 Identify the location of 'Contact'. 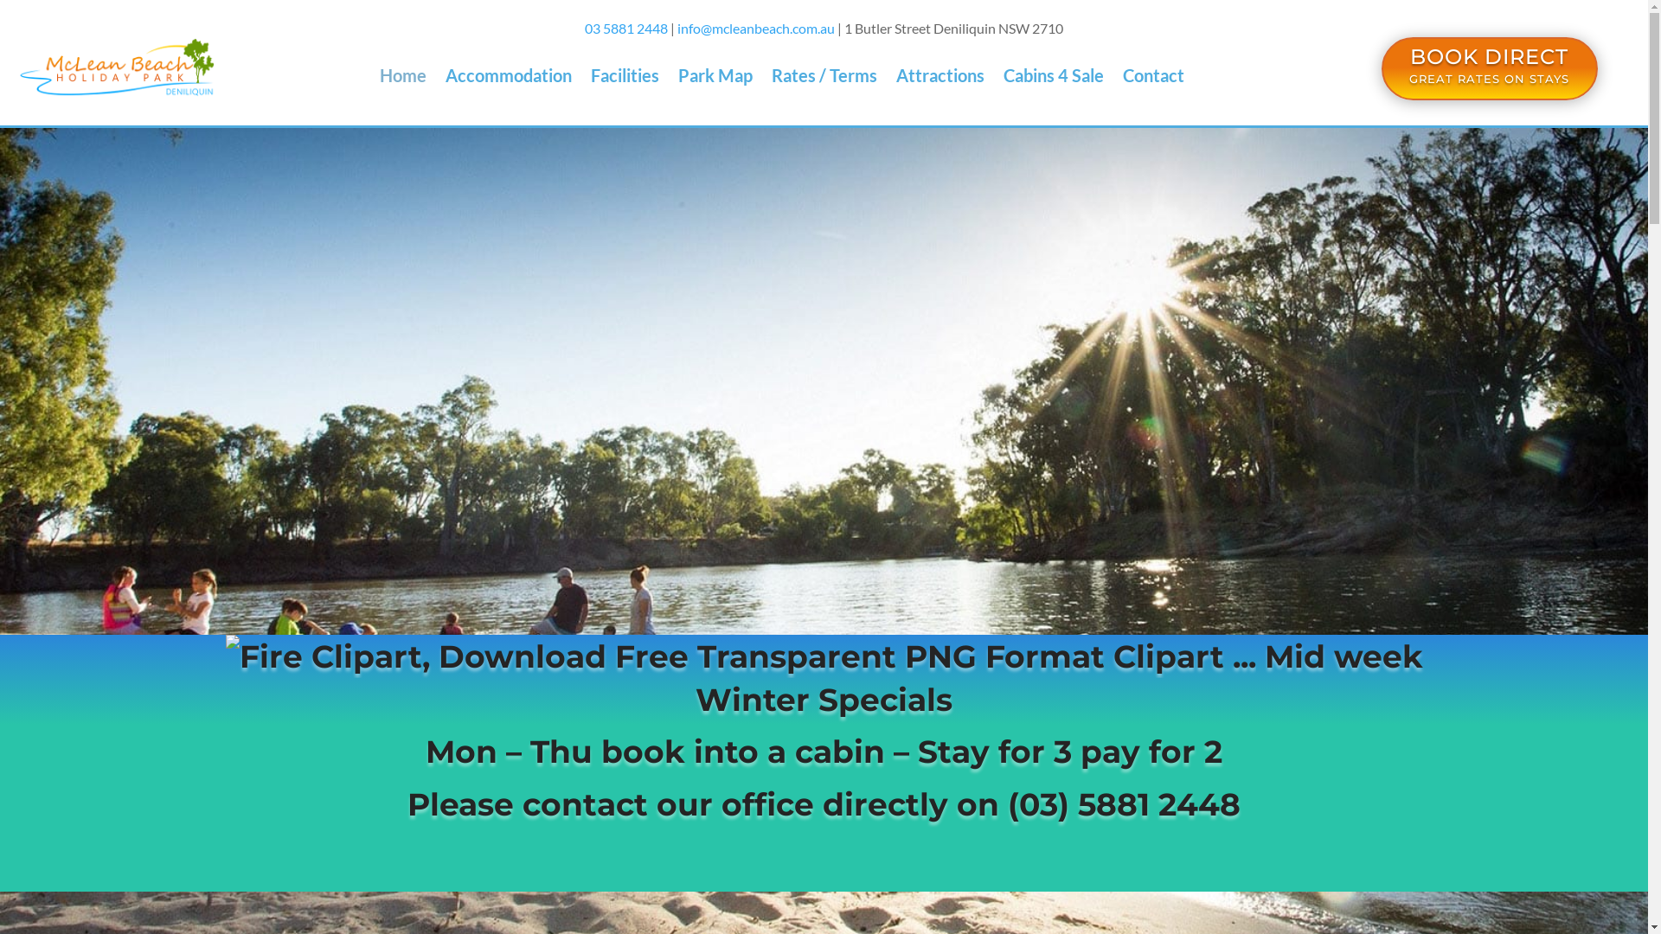
(1153, 79).